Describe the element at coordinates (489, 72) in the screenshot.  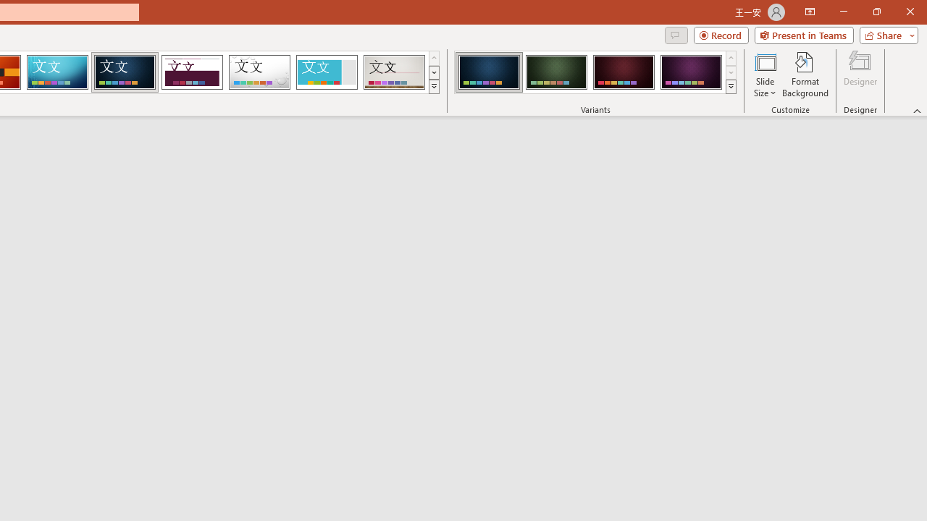
I see `'Damask Variant 1'` at that location.